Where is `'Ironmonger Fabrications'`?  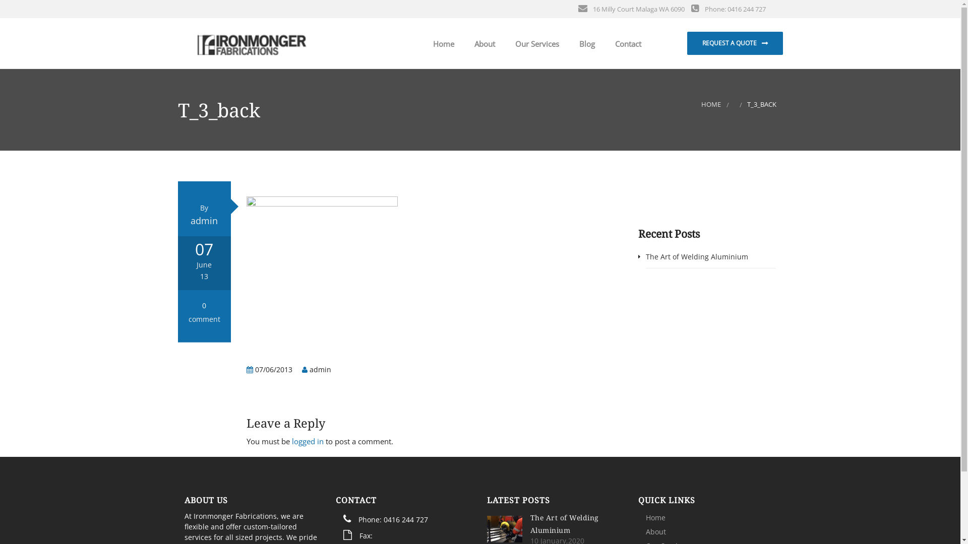 'Ironmonger Fabrications' is located at coordinates (252, 42).